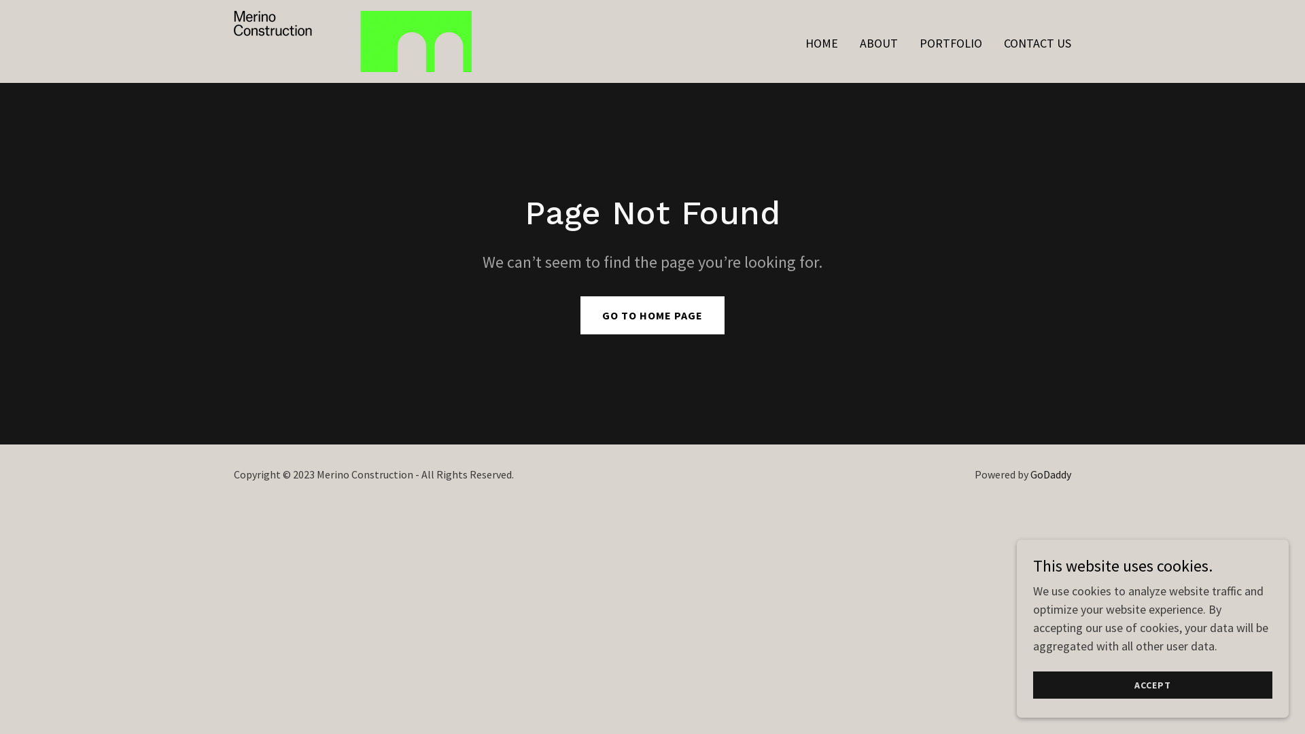 The width and height of the screenshot is (1305, 734). What do you see at coordinates (352, 39) in the screenshot?
I see `'Merino Construction'` at bounding box center [352, 39].